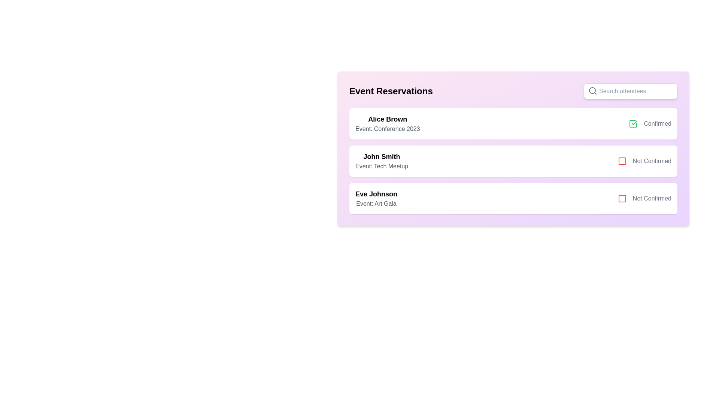  I want to click on the 'Confirmed' text label element, which is positioned to the right of a green checkbox indicating the confirmation status for Alice Brown's event reservation, so click(657, 123).